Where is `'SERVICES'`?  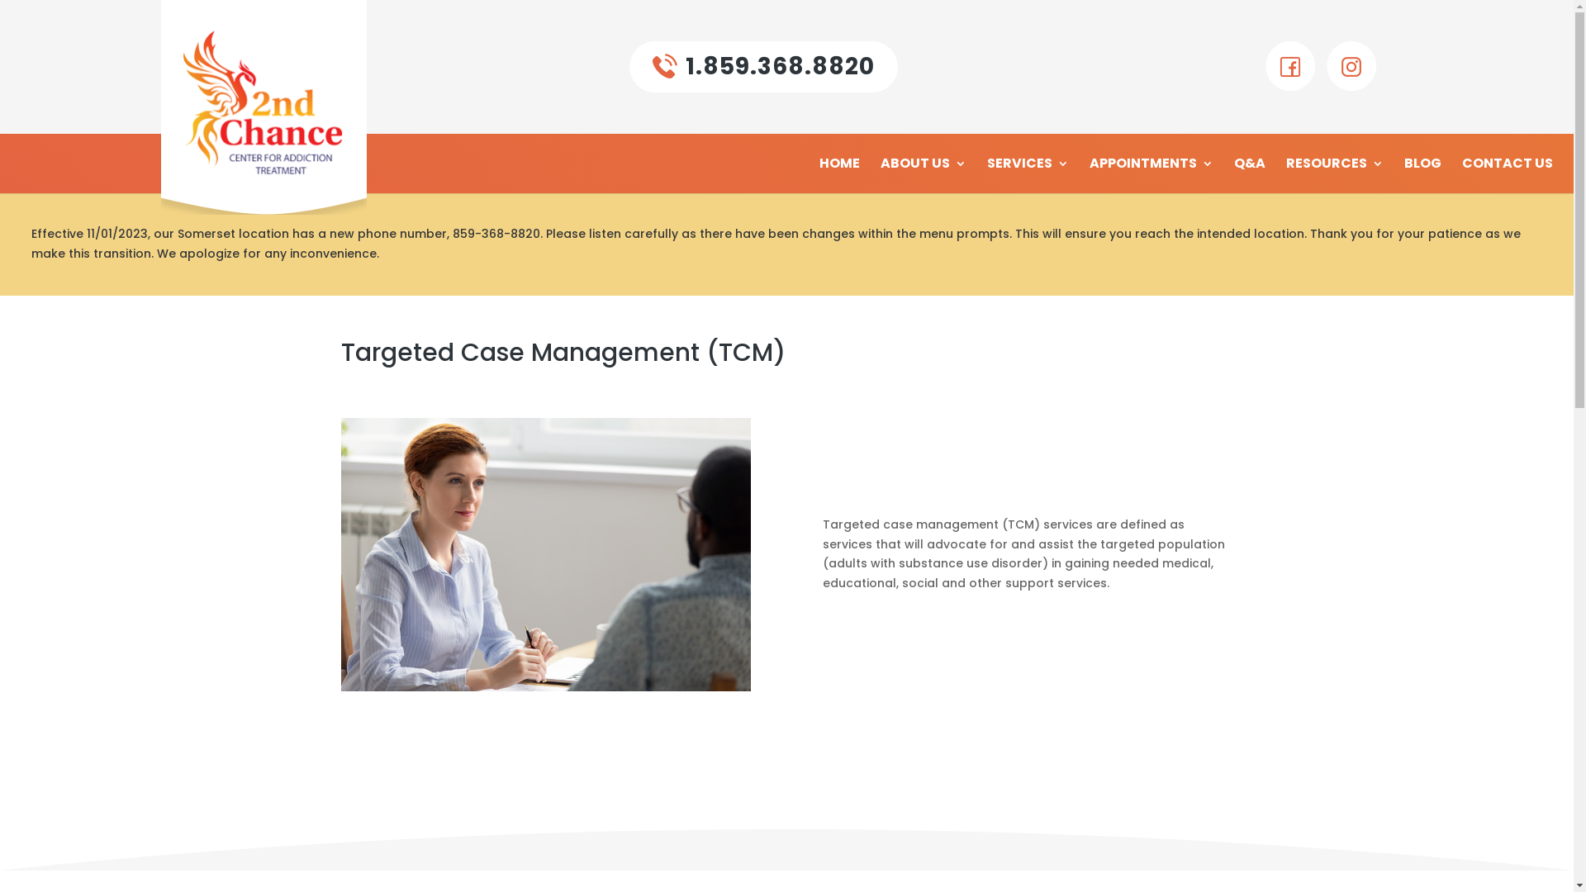
'SERVICES' is located at coordinates (987, 175).